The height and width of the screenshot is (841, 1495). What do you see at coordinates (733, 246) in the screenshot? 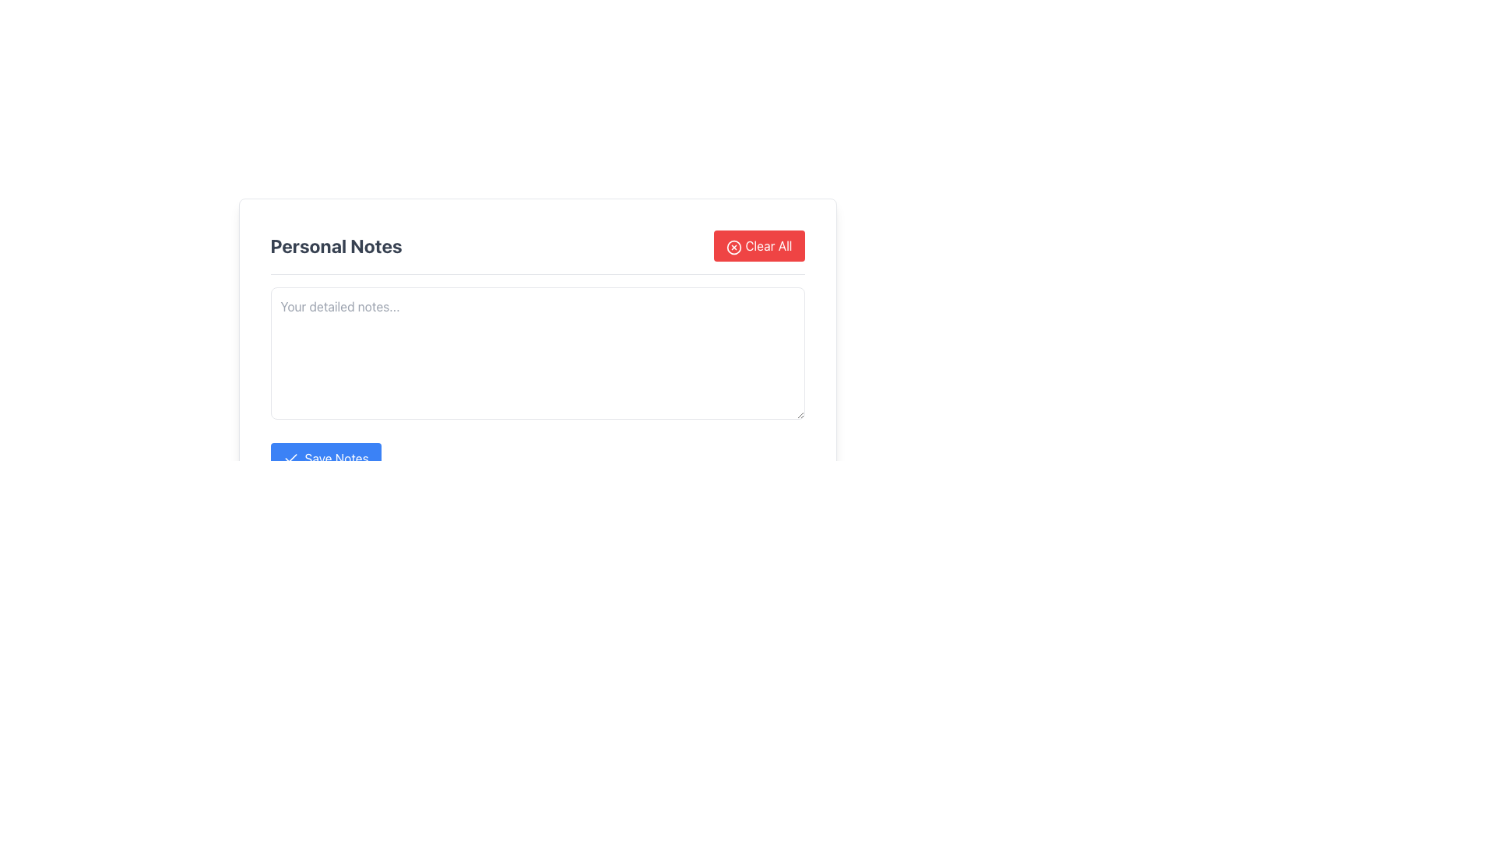
I see `the 'Clear All' button located in the top-right section of the interface, which contains the icon indicating deletion or reset functionality` at bounding box center [733, 246].